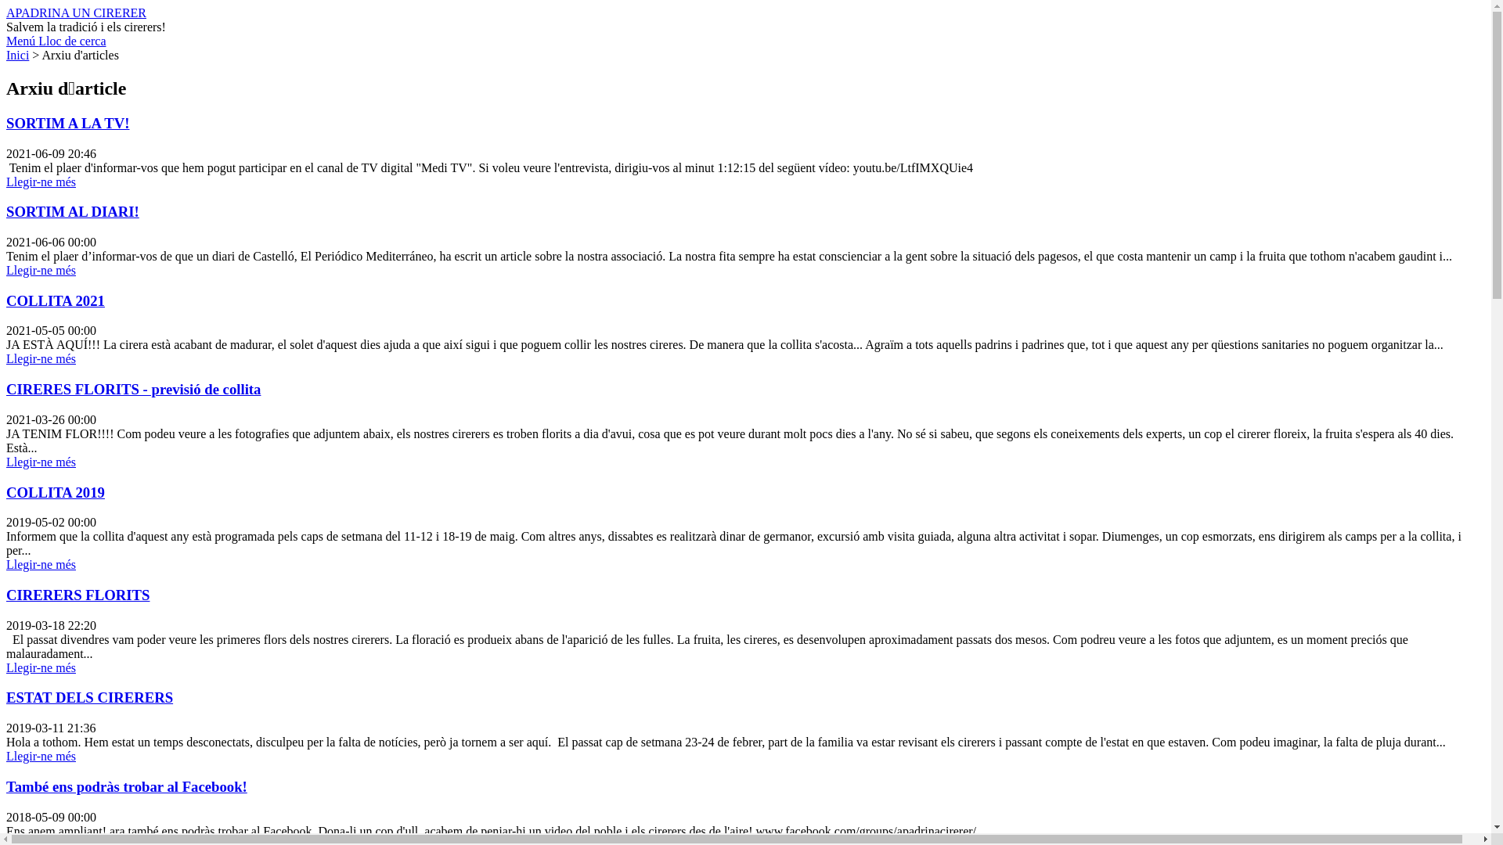 The height and width of the screenshot is (845, 1503). I want to click on 'ESTAT DELS CIRERERS', so click(88, 696).